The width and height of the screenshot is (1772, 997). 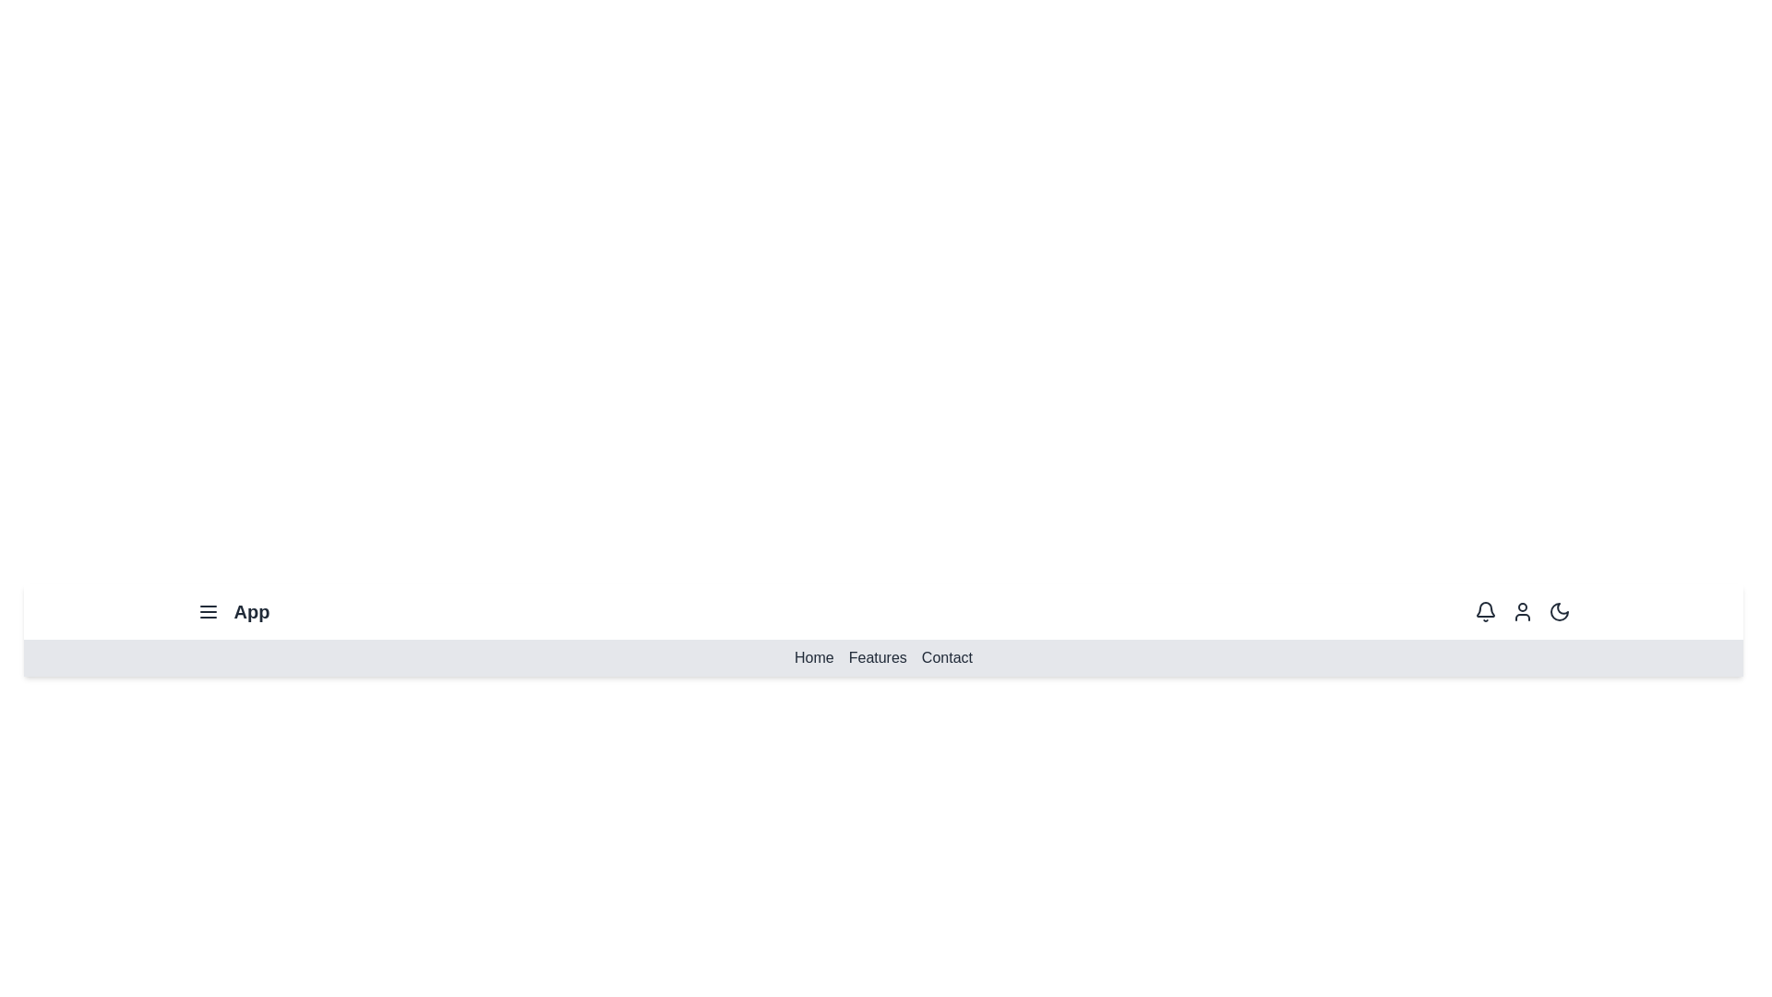 What do you see at coordinates (947, 656) in the screenshot?
I see `the 'Contact' menu item to navigate to the corresponding section` at bounding box center [947, 656].